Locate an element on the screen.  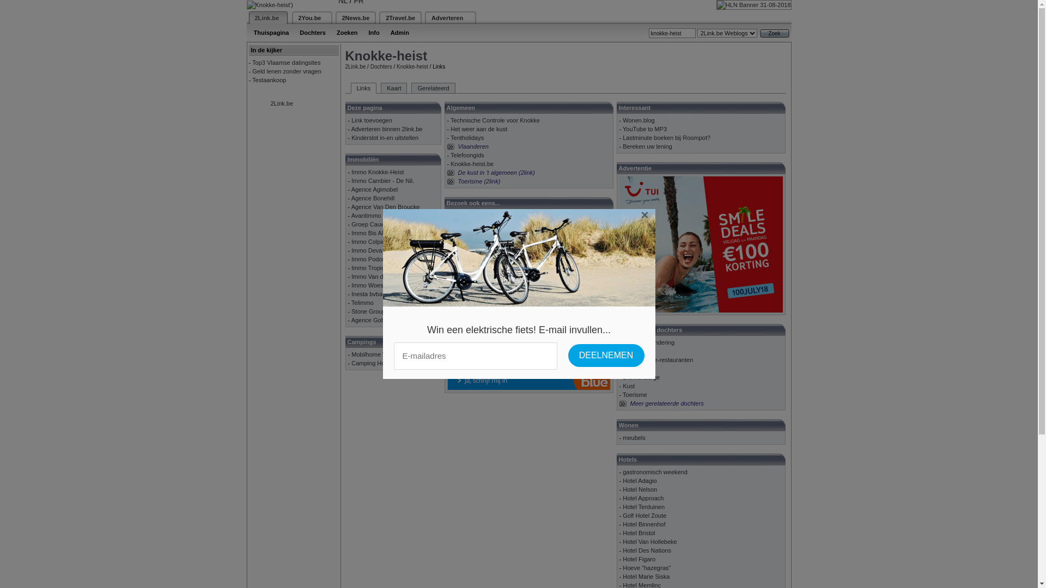
'Link toevoegen' is located at coordinates (372, 120).